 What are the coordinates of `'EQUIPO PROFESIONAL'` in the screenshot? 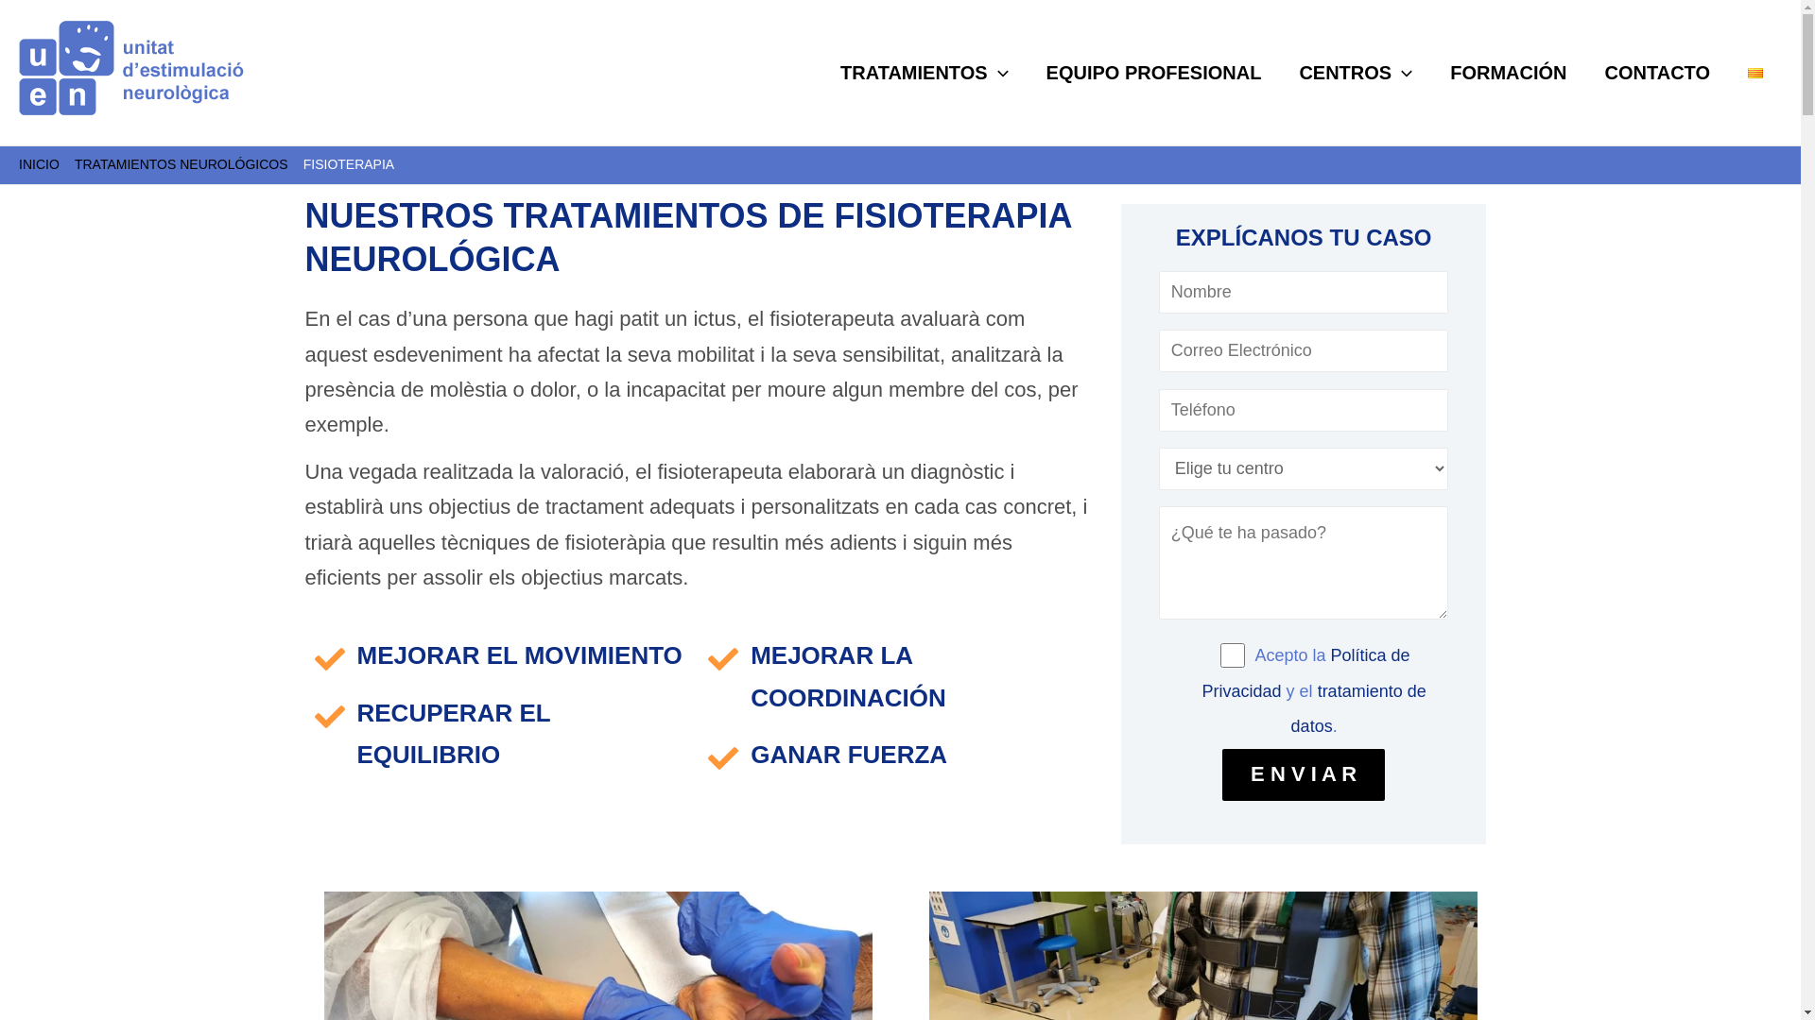 It's located at (1152, 72).